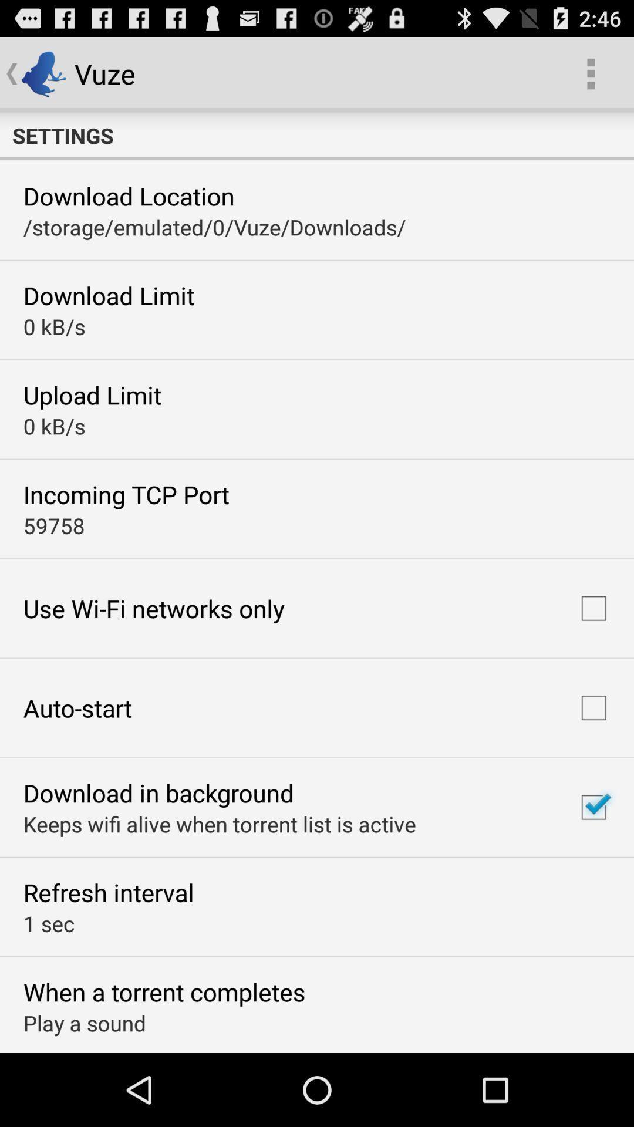  Describe the element at coordinates (54, 525) in the screenshot. I see `icon below the incoming tcp port` at that location.